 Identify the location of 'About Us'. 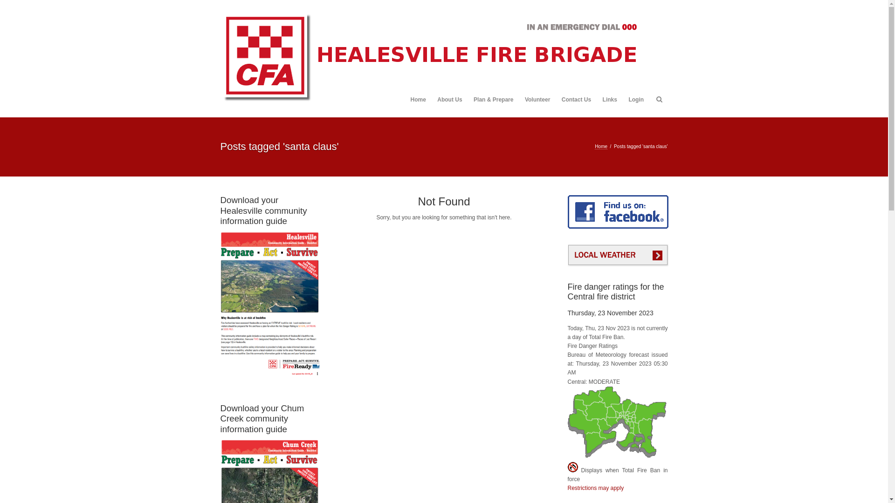
(449, 100).